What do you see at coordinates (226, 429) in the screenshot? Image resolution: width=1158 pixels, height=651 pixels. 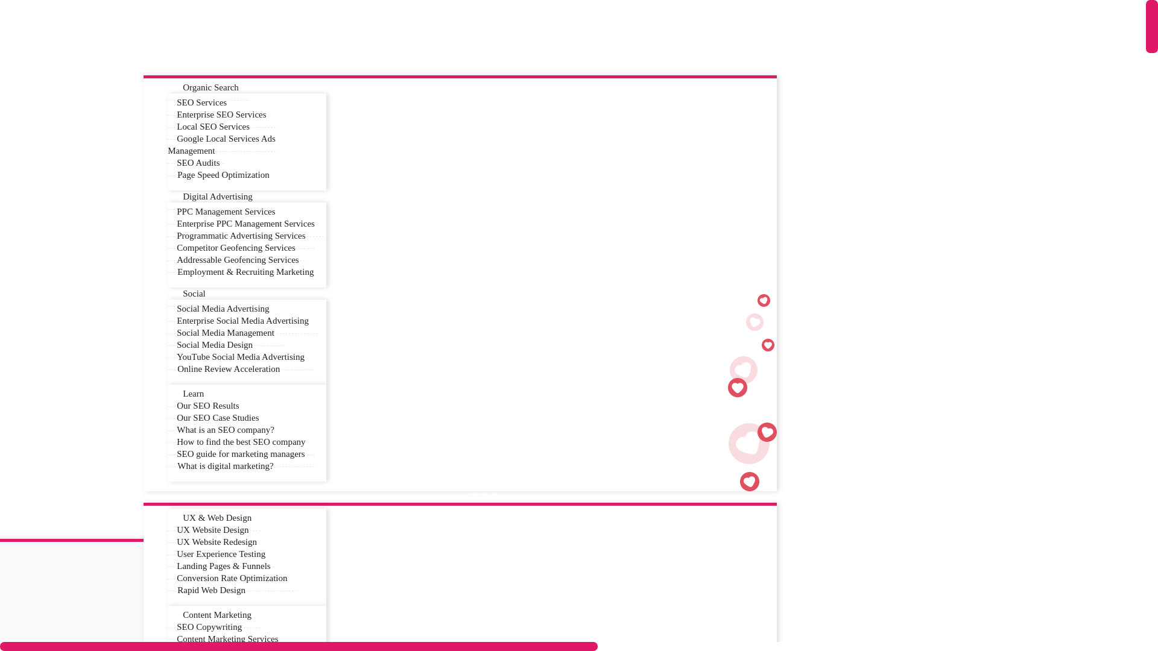 I see `'What is an SEO company?'` at bounding box center [226, 429].